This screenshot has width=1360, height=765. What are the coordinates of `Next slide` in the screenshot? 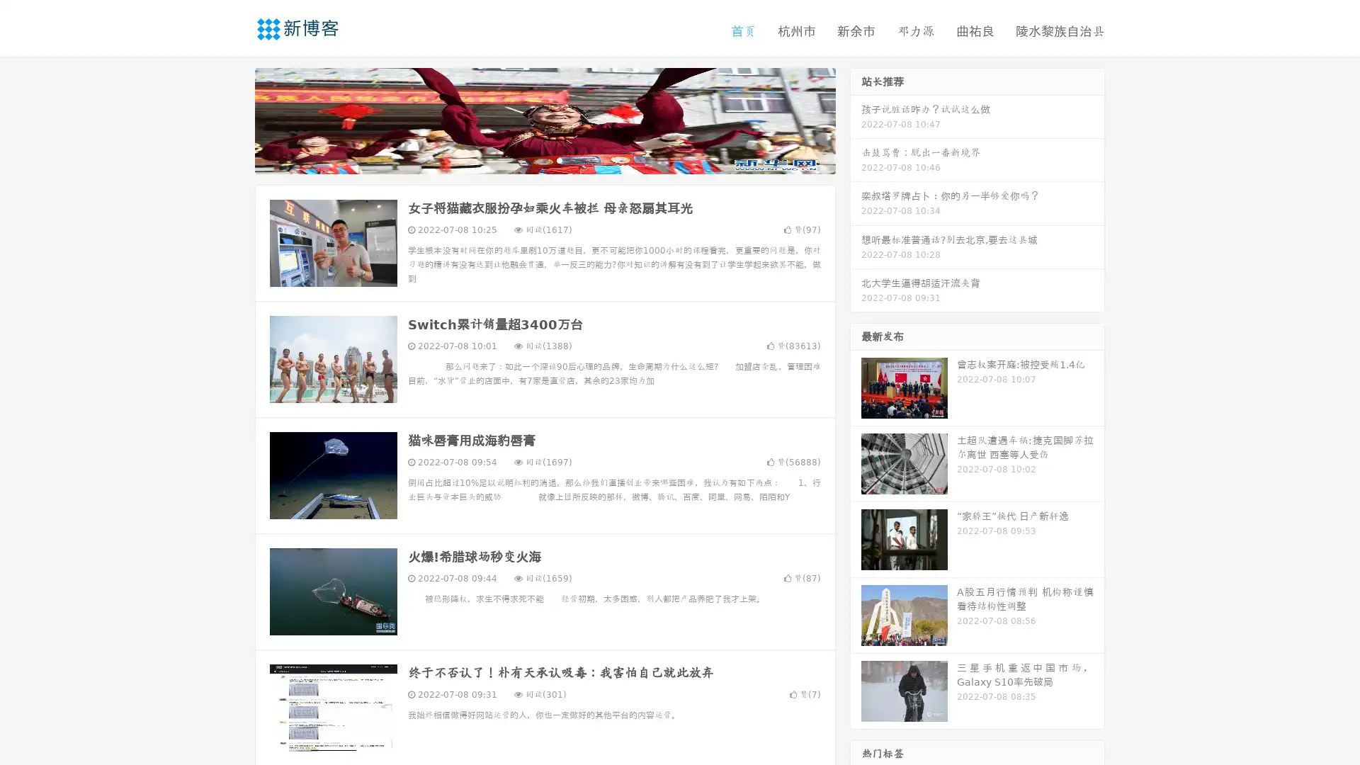 It's located at (856, 119).